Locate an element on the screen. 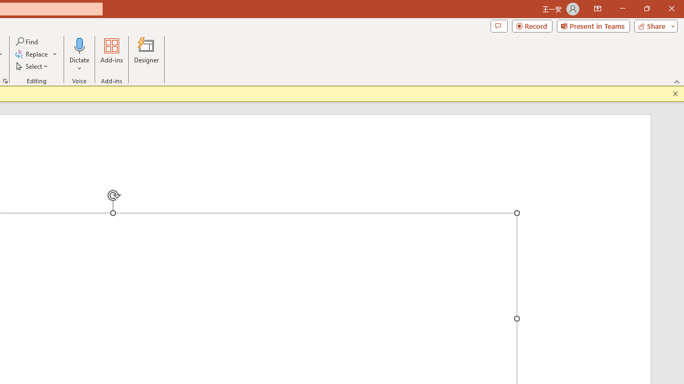  'Present in Teams' is located at coordinates (593, 25).